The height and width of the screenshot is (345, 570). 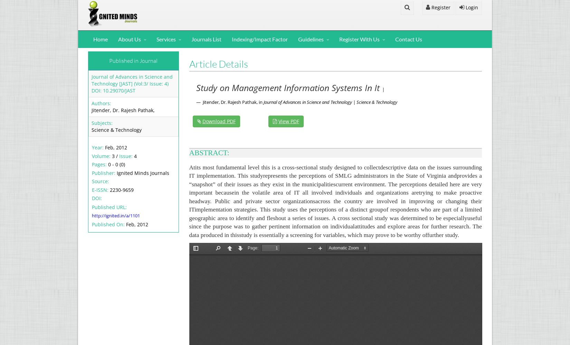 What do you see at coordinates (132, 80) in the screenshot?
I see `'Journal of Advances in Science and Technology [JAST] (Vol:3/ Issue: 4)'` at bounding box center [132, 80].